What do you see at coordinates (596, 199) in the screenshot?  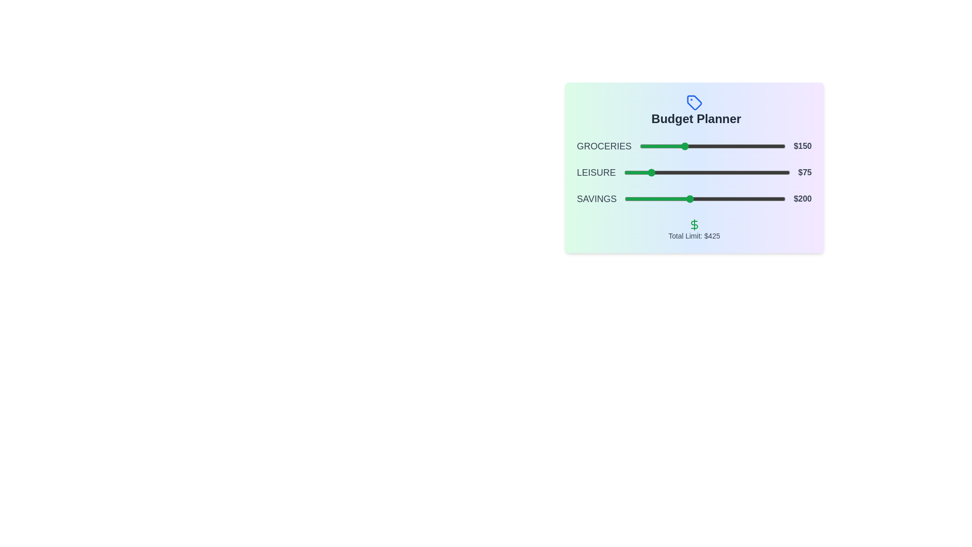 I see `the category name savings to display additional details` at bounding box center [596, 199].